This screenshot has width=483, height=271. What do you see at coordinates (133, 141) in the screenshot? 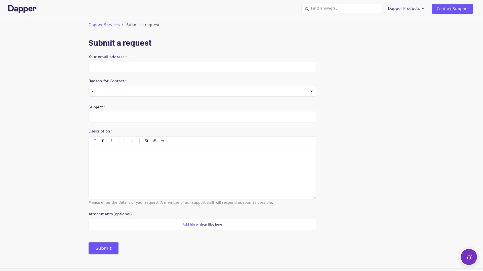
I see `Numbered list` at bounding box center [133, 141].